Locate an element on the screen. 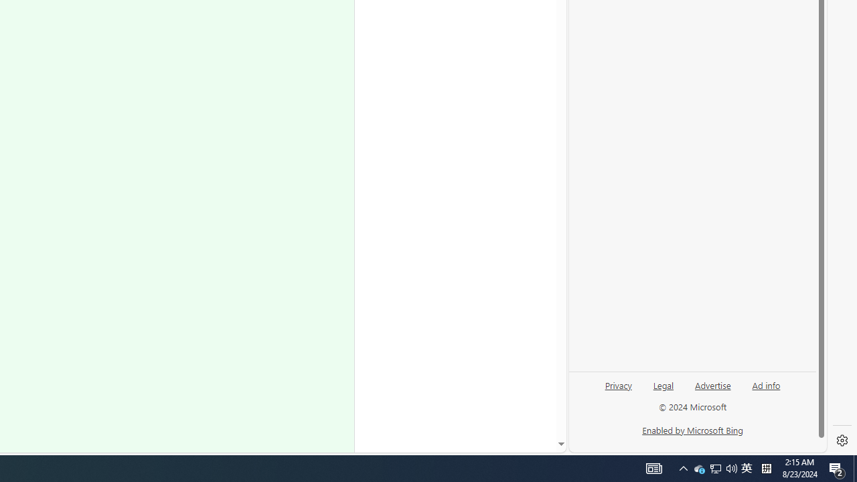 This screenshot has width=857, height=482. 'Settings' is located at coordinates (842, 440).